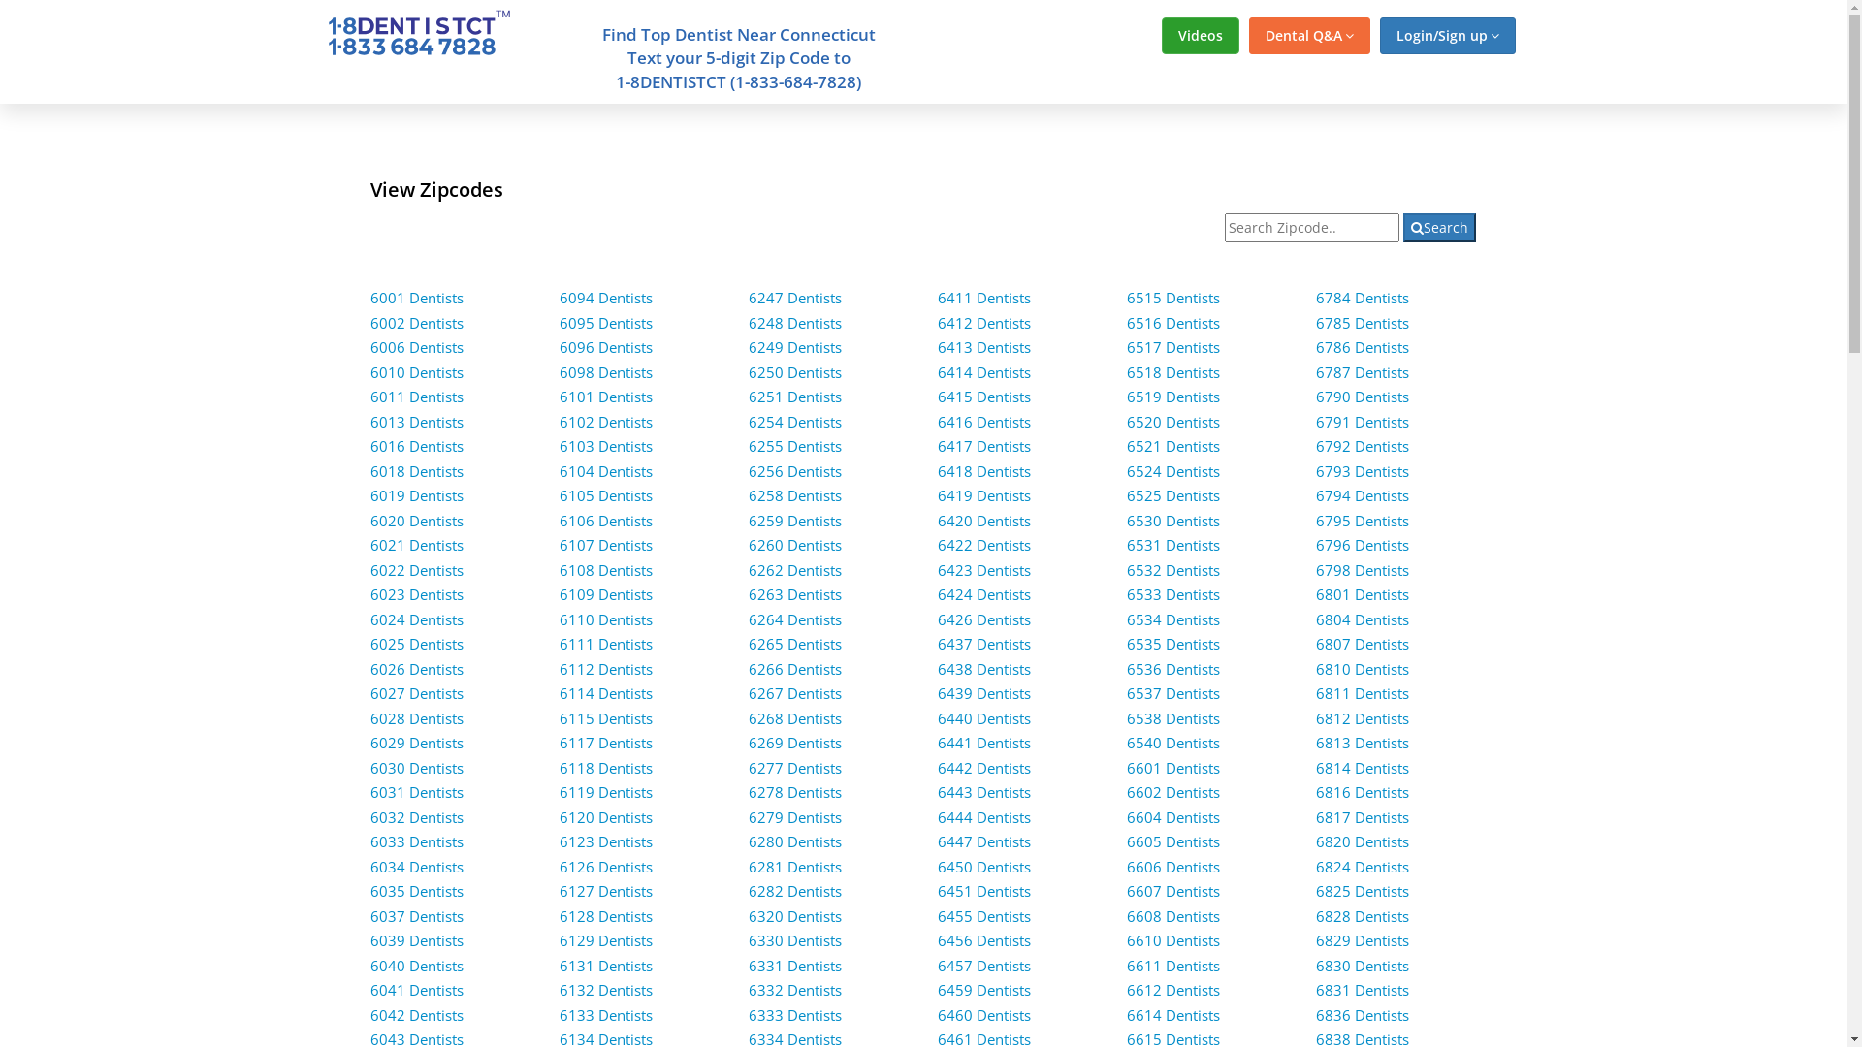  Describe the element at coordinates (370, 445) in the screenshot. I see `'6016 Dentists'` at that location.